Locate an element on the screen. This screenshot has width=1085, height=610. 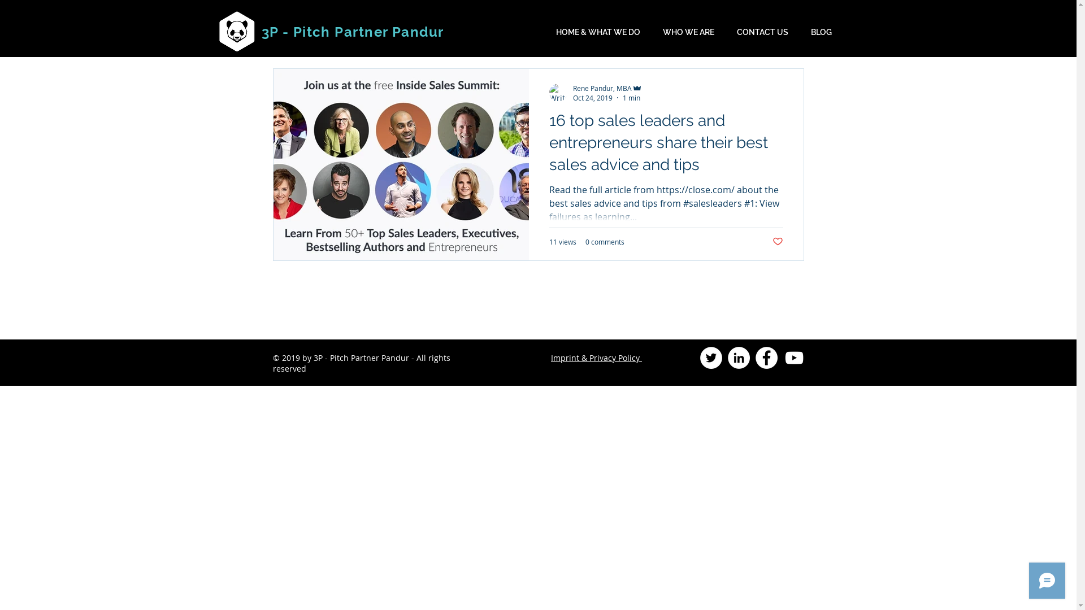
'Imprint & Privacy Policy ' is located at coordinates (596, 358).